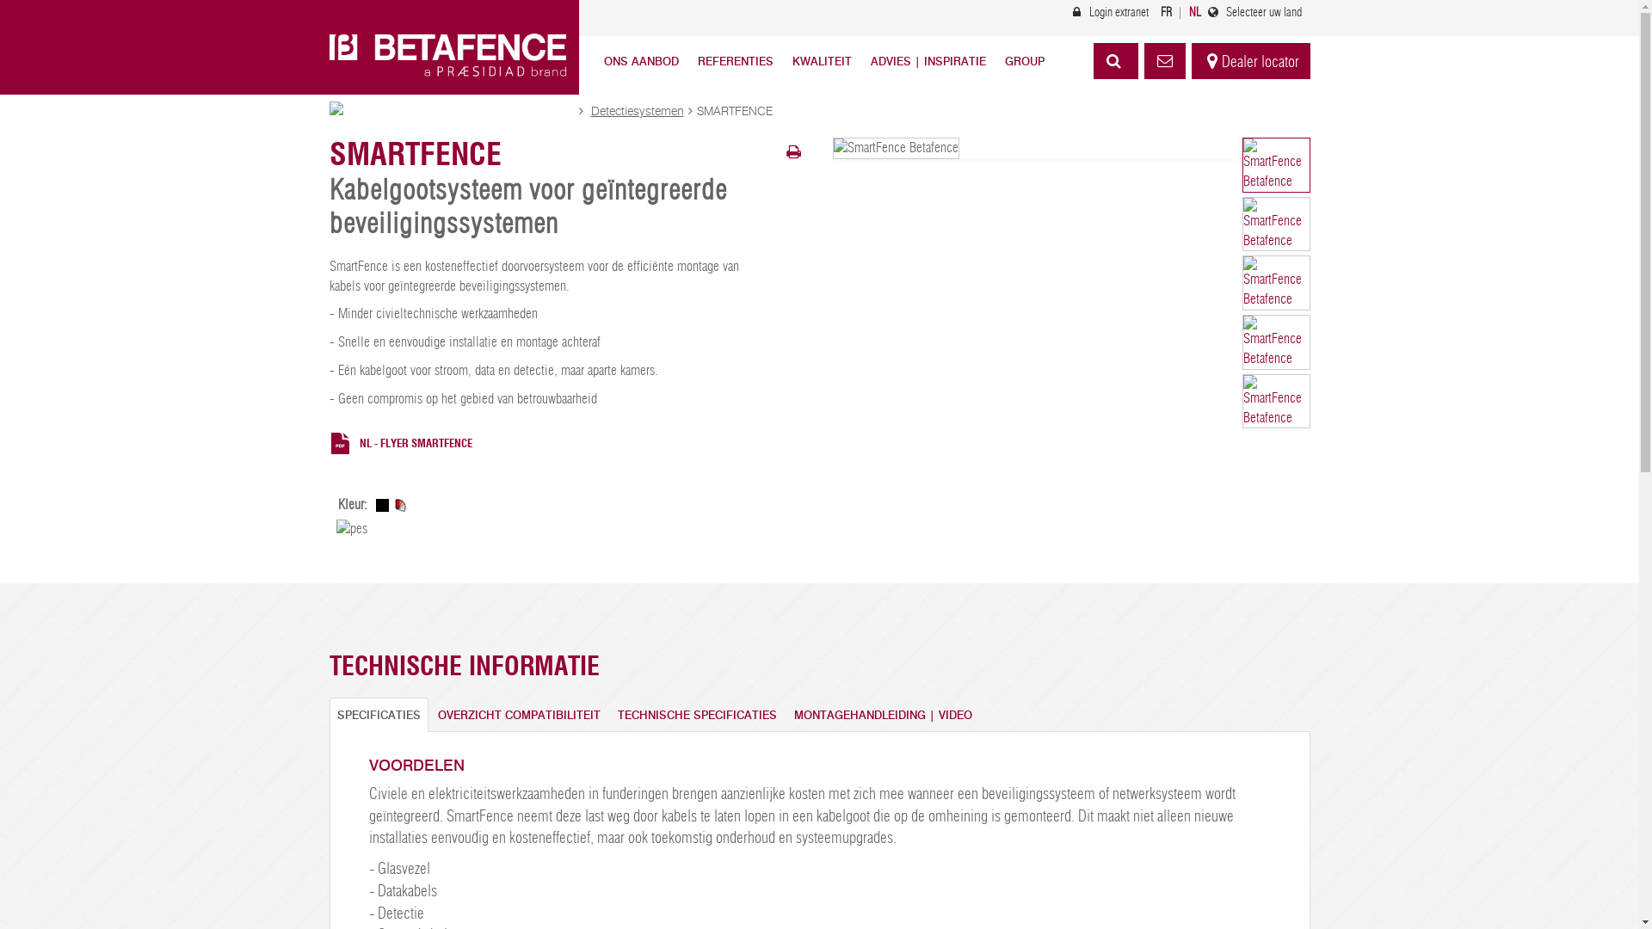 The height and width of the screenshot is (929, 1652). I want to click on 'OVERZICHT COMPATIBILITEIT', so click(518, 715).